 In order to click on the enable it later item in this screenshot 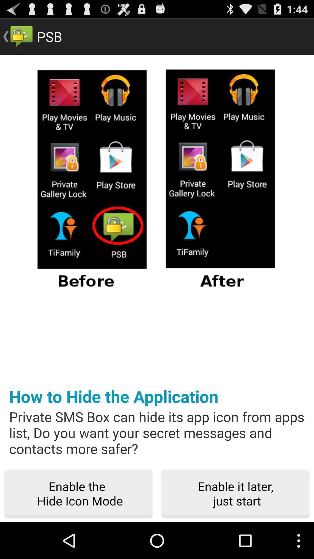, I will do `click(235, 493)`.